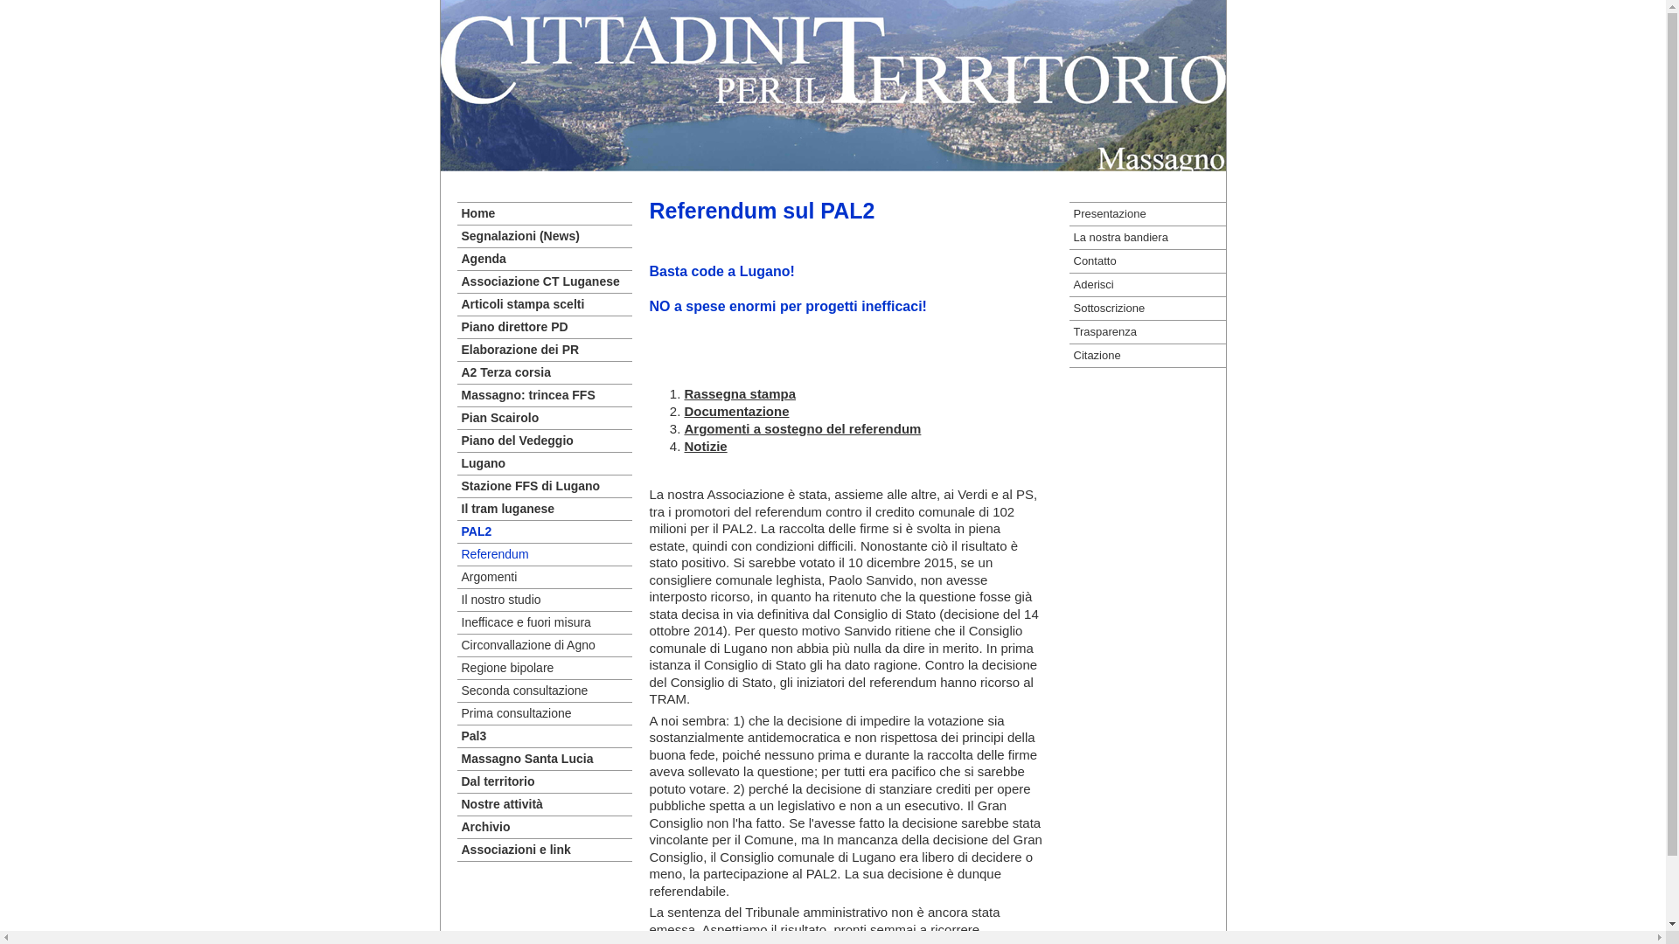 The width and height of the screenshot is (1679, 944). Describe the element at coordinates (739, 393) in the screenshot. I see `'Rassegna stampa'` at that location.